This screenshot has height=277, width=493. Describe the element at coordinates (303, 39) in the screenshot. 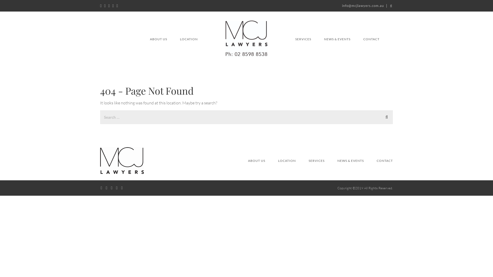

I see `'SERVICES'` at that location.